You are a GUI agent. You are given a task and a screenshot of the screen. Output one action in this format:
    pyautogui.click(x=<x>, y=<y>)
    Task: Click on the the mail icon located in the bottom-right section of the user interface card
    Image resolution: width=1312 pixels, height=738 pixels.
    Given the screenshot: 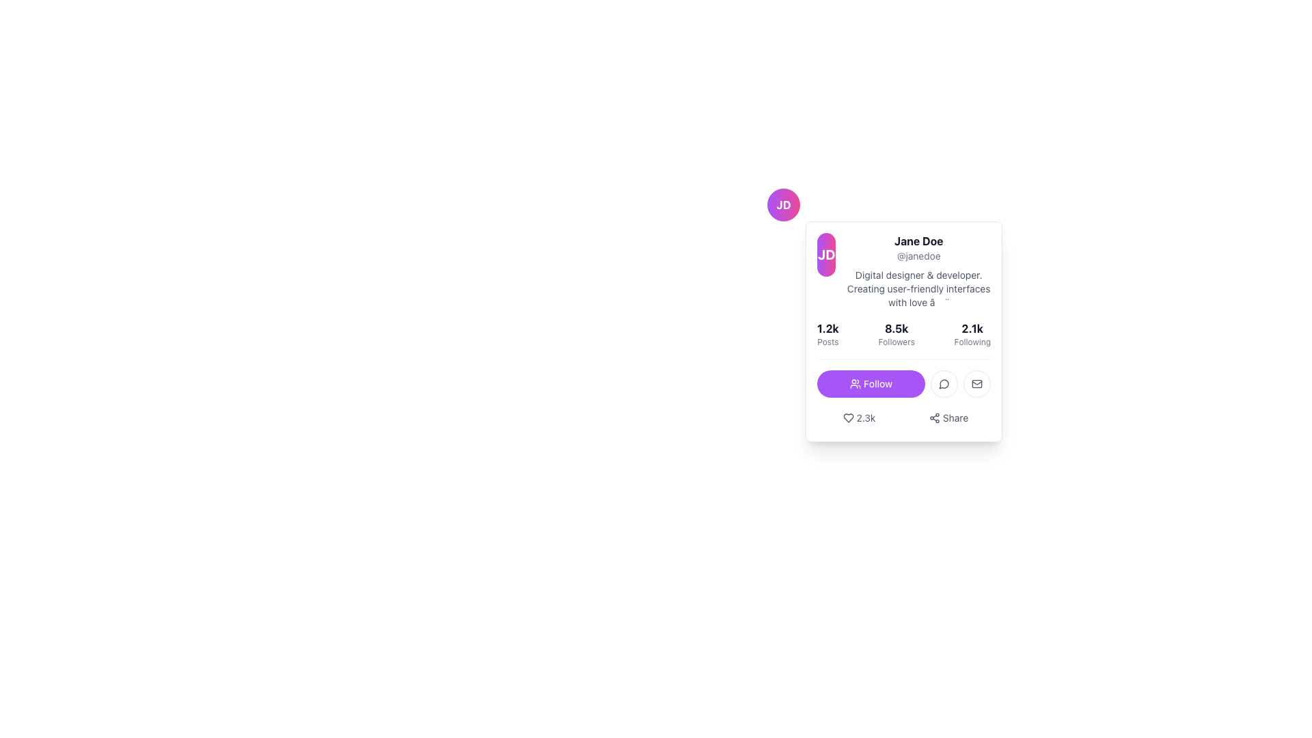 What is the action you would take?
    pyautogui.click(x=976, y=384)
    